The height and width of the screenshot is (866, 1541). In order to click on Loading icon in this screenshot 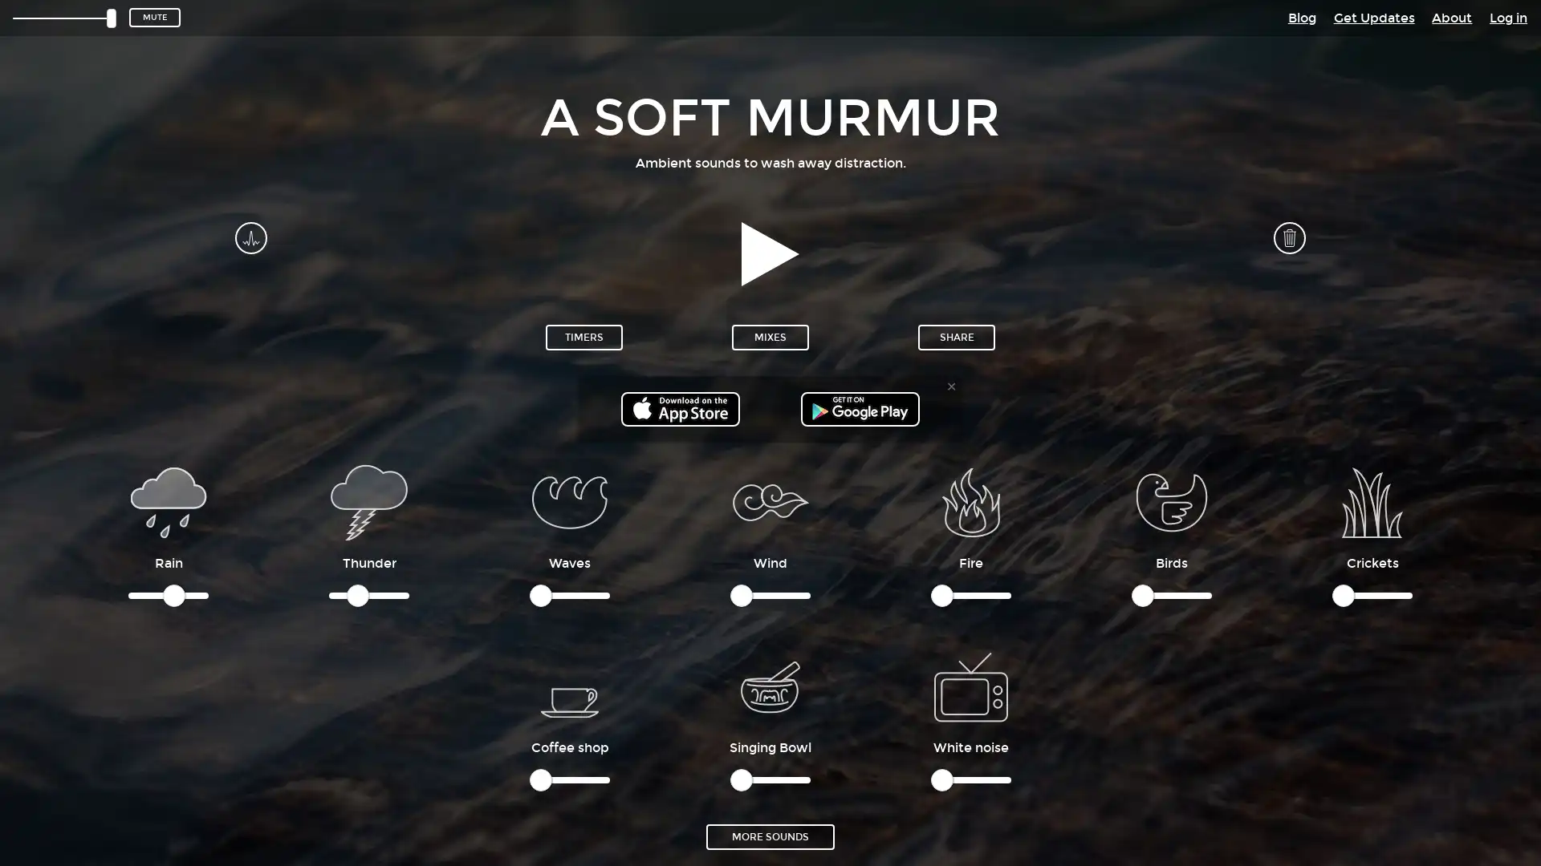, I will do `click(770, 500)`.